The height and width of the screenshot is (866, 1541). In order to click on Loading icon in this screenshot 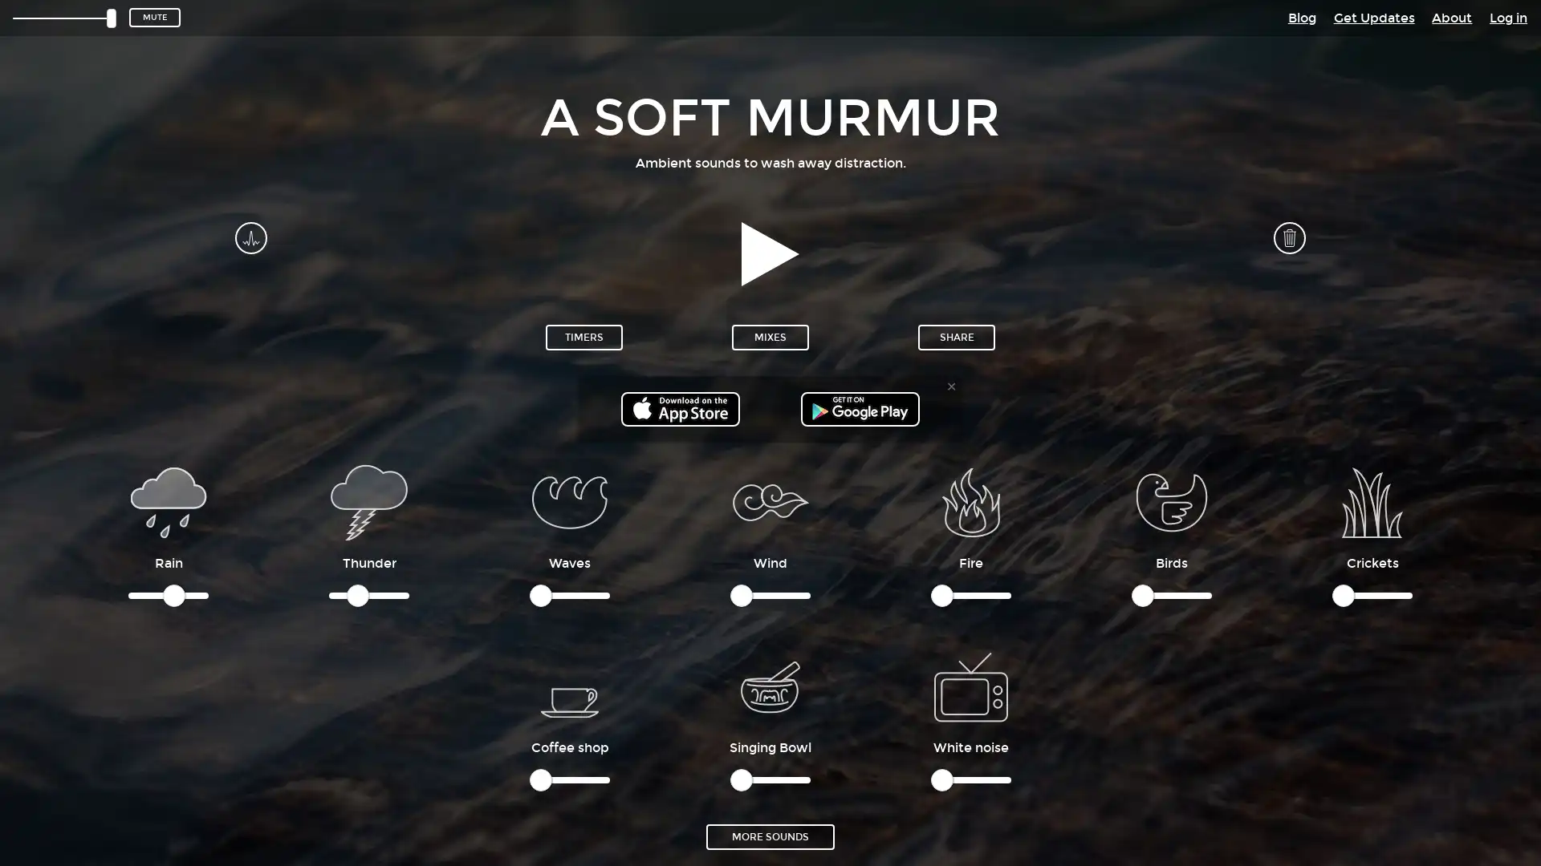, I will do `click(770, 500)`.